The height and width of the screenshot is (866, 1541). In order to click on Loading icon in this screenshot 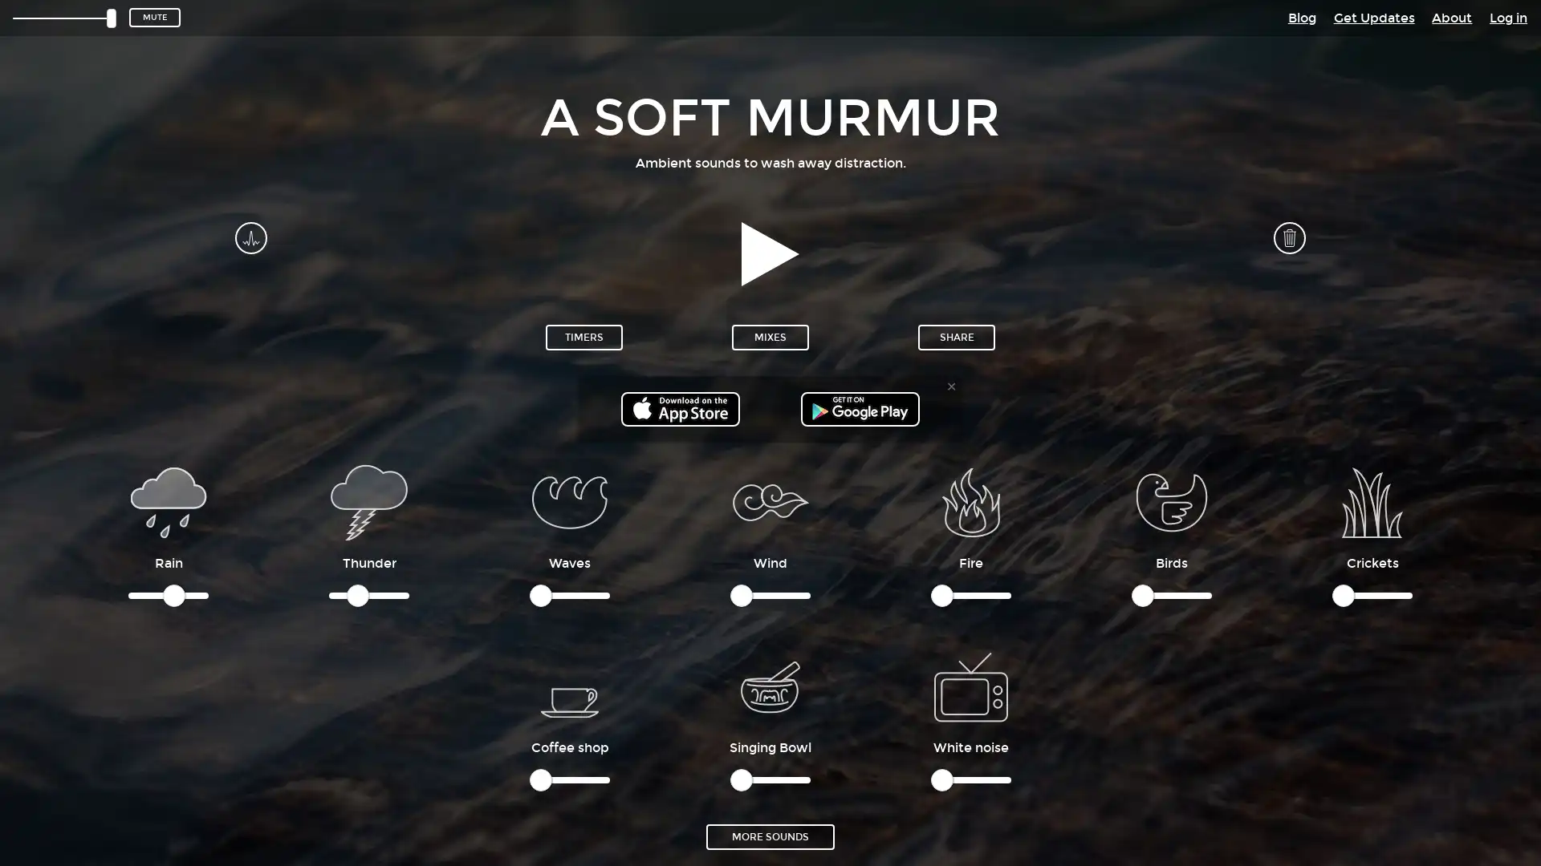, I will do `click(770, 500)`.